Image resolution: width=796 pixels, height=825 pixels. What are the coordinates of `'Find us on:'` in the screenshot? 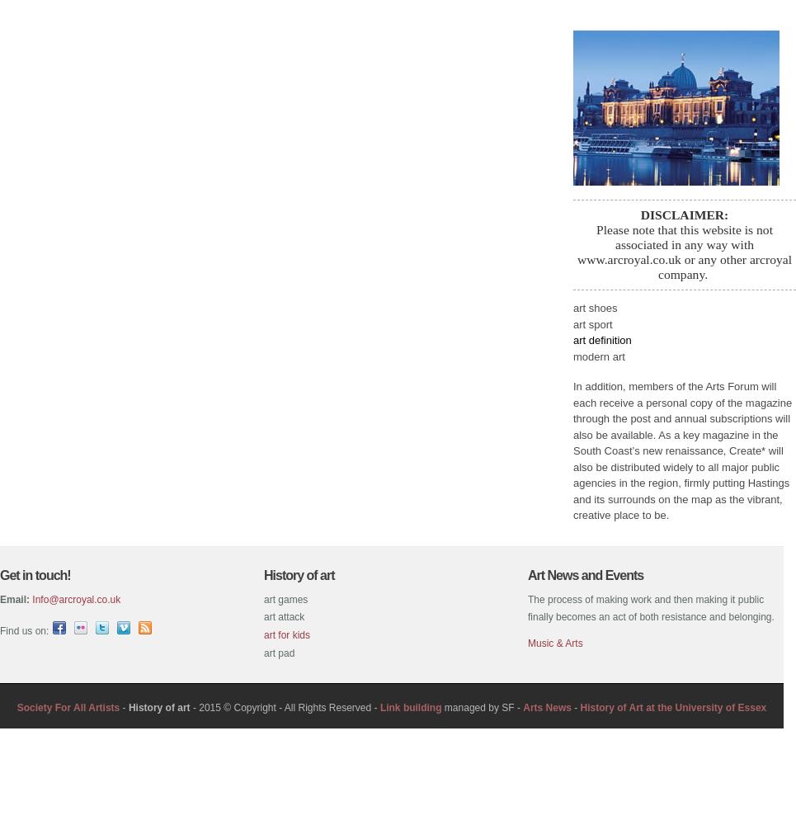 It's located at (23, 631).